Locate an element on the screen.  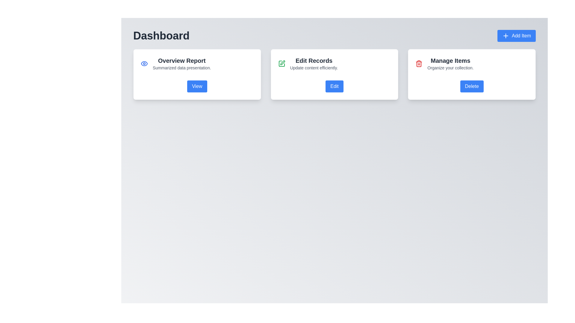
the green outlined pen-shaped icon located within the 'Edit Records' card, which indicates an edit or modification action is located at coordinates (282, 63).